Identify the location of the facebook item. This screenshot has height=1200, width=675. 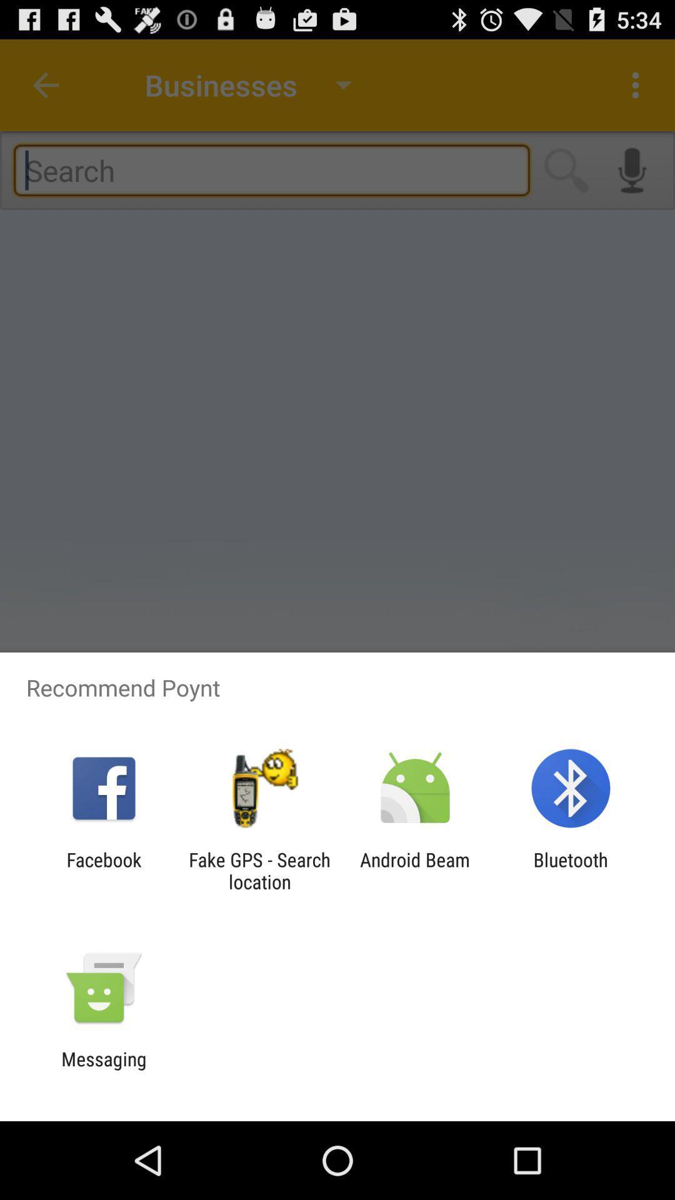
(103, 870).